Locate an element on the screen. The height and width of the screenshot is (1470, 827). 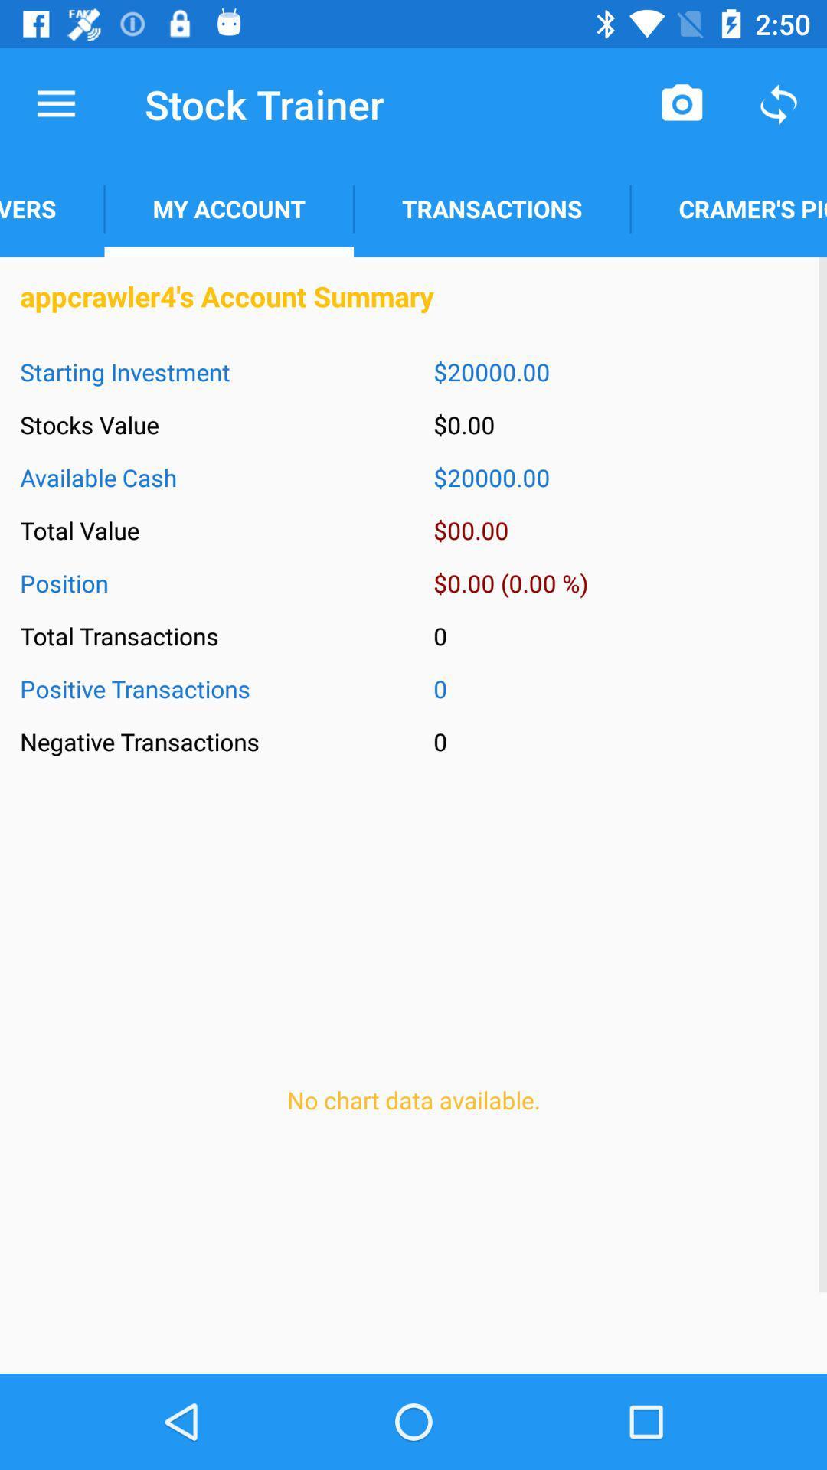
the icon next to the transactions is located at coordinates (229, 208).